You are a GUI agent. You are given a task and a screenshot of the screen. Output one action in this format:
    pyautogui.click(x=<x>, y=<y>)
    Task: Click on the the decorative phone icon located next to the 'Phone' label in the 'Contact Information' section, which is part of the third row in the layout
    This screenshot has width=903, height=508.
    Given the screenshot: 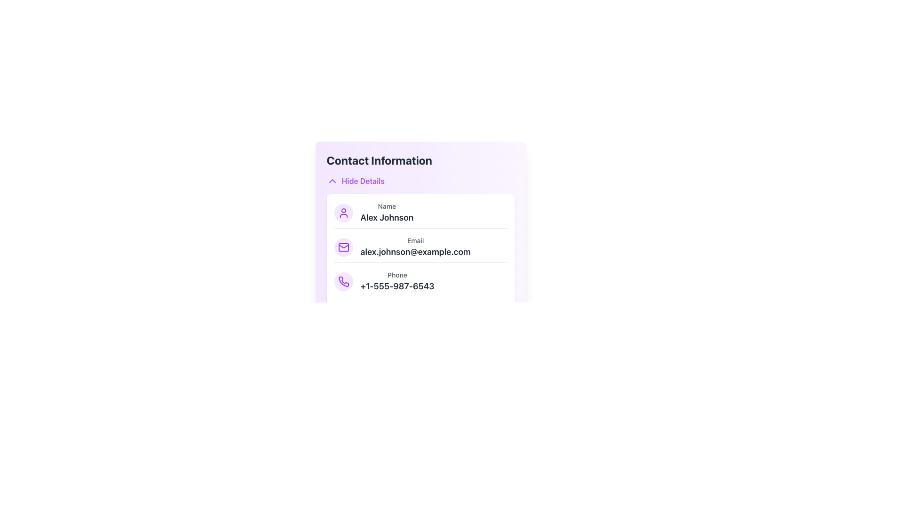 What is the action you would take?
    pyautogui.click(x=343, y=281)
    